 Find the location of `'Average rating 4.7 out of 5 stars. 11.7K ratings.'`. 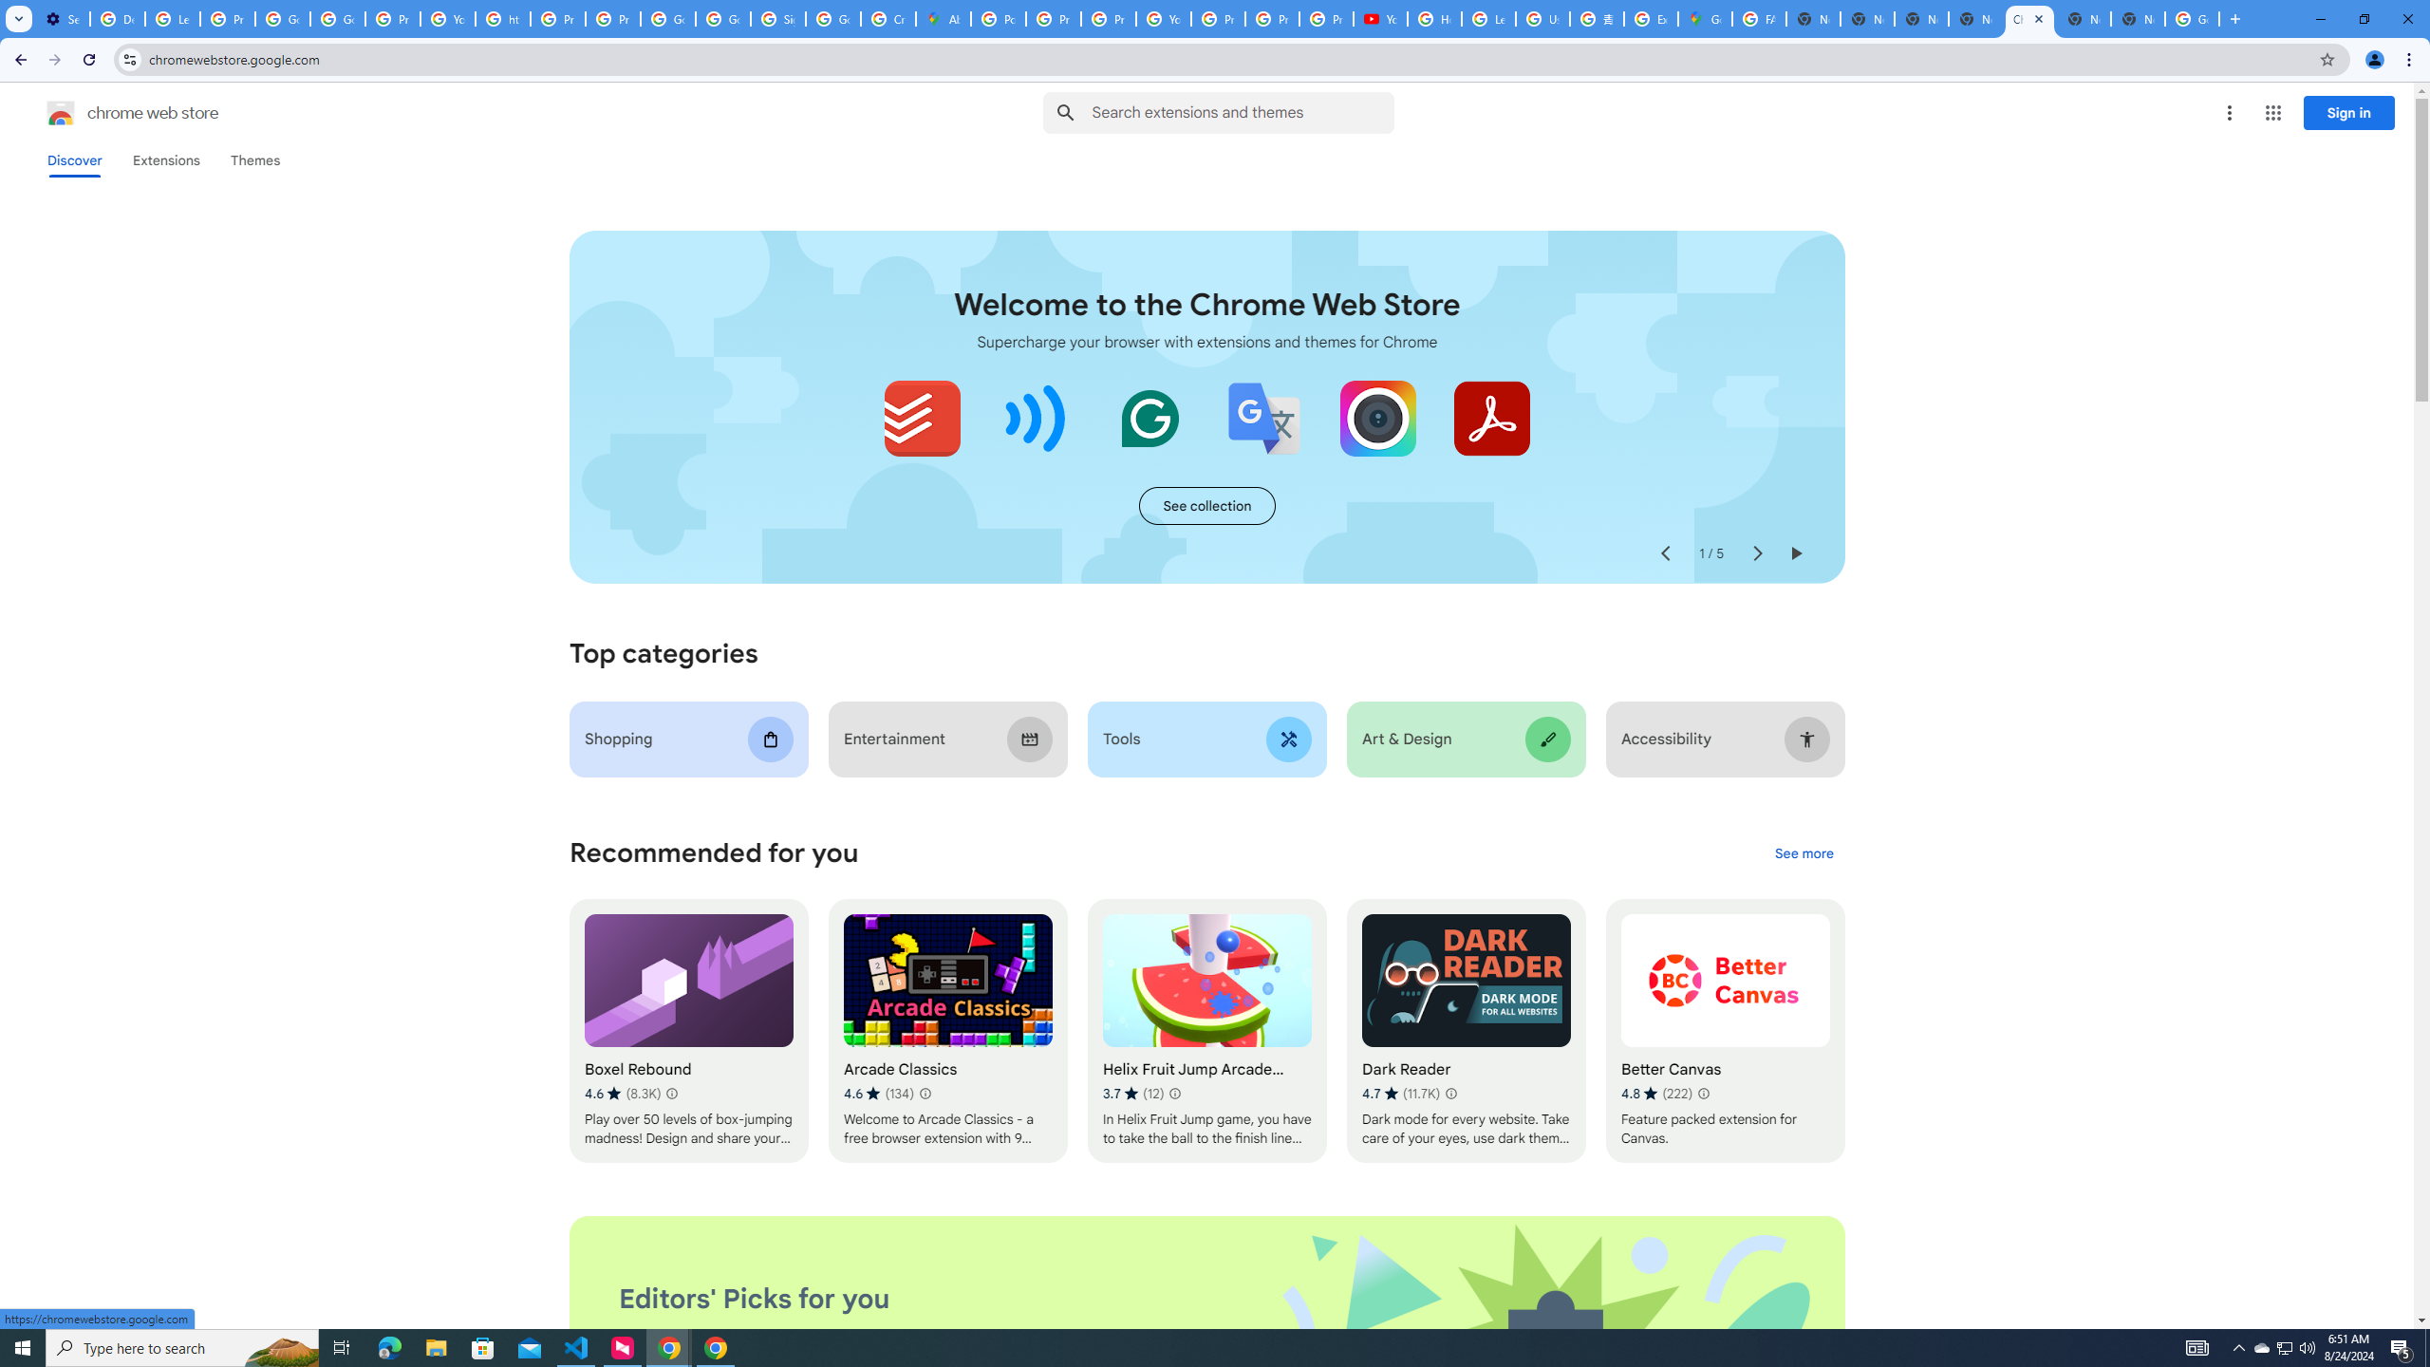

'Average rating 4.7 out of 5 stars. 11.7K ratings.' is located at coordinates (1400, 1094).